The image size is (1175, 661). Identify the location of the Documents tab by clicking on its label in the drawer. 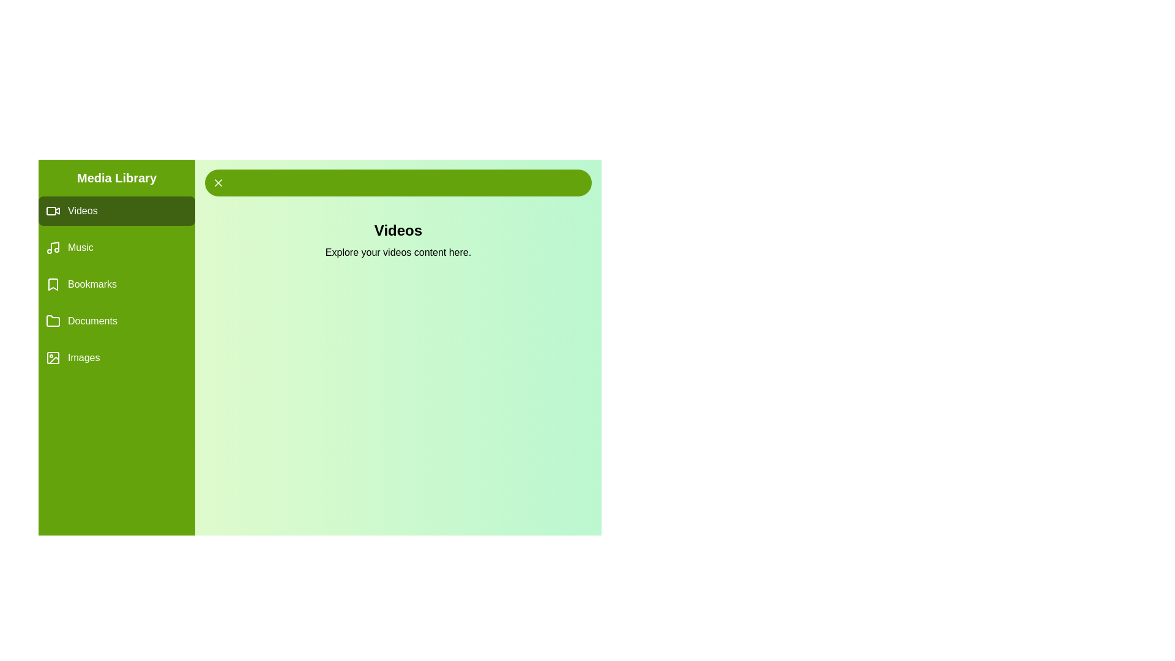
(117, 320).